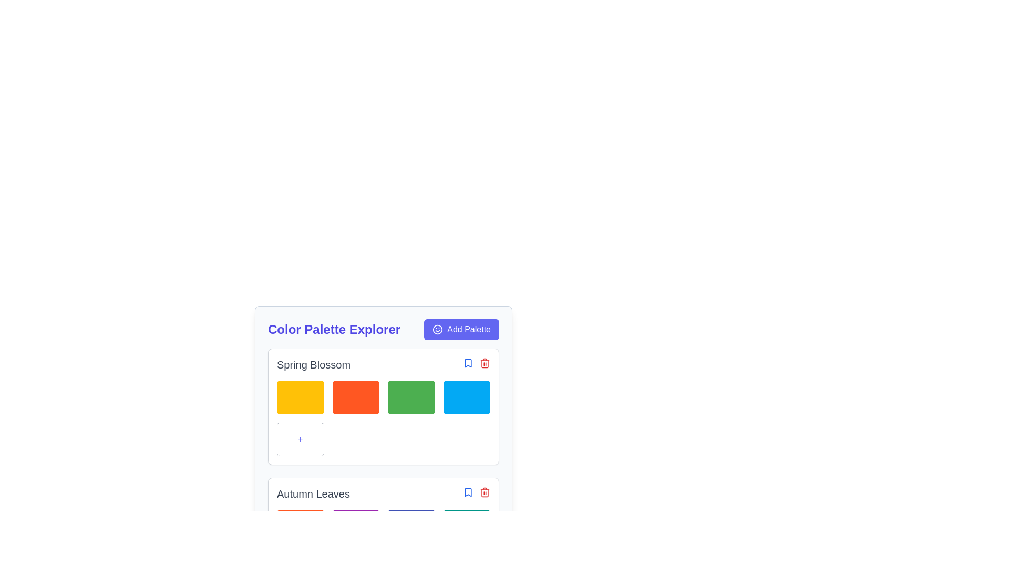  What do you see at coordinates (334, 329) in the screenshot?
I see `the text label reading 'Color Palette Explorer', which is styled with a bold font and indigo color, located at the top of the interface, to the left of the 'Add Palette' button` at bounding box center [334, 329].